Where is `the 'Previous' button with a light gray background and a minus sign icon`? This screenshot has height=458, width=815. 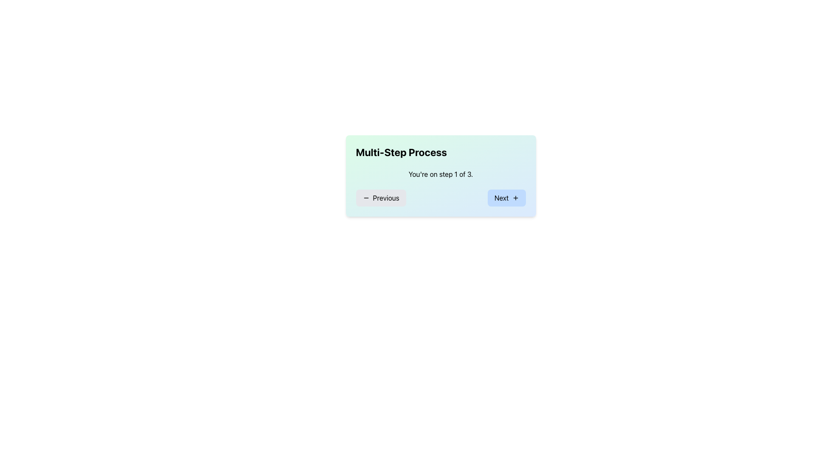
the 'Previous' button with a light gray background and a minus sign icon is located at coordinates (380, 198).